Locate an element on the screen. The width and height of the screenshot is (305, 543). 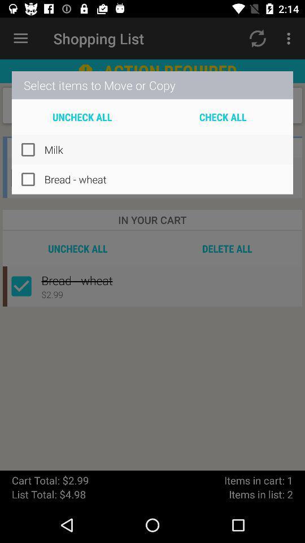
item below the select items to is located at coordinates (81, 117).